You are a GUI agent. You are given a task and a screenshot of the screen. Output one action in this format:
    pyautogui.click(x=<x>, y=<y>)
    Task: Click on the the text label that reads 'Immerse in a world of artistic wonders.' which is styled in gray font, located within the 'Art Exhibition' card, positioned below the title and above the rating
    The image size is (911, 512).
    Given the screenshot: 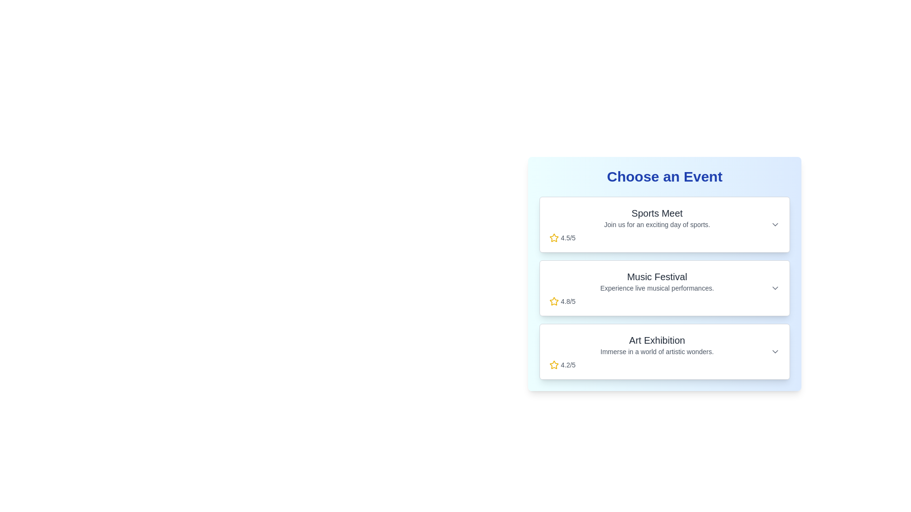 What is the action you would take?
    pyautogui.click(x=657, y=351)
    